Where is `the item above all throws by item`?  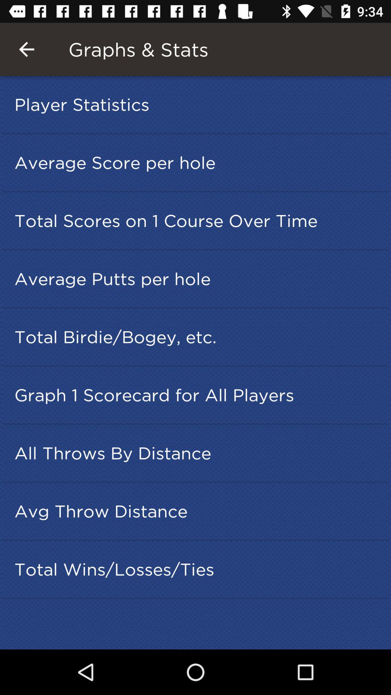 the item above all throws by item is located at coordinates (198, 395).